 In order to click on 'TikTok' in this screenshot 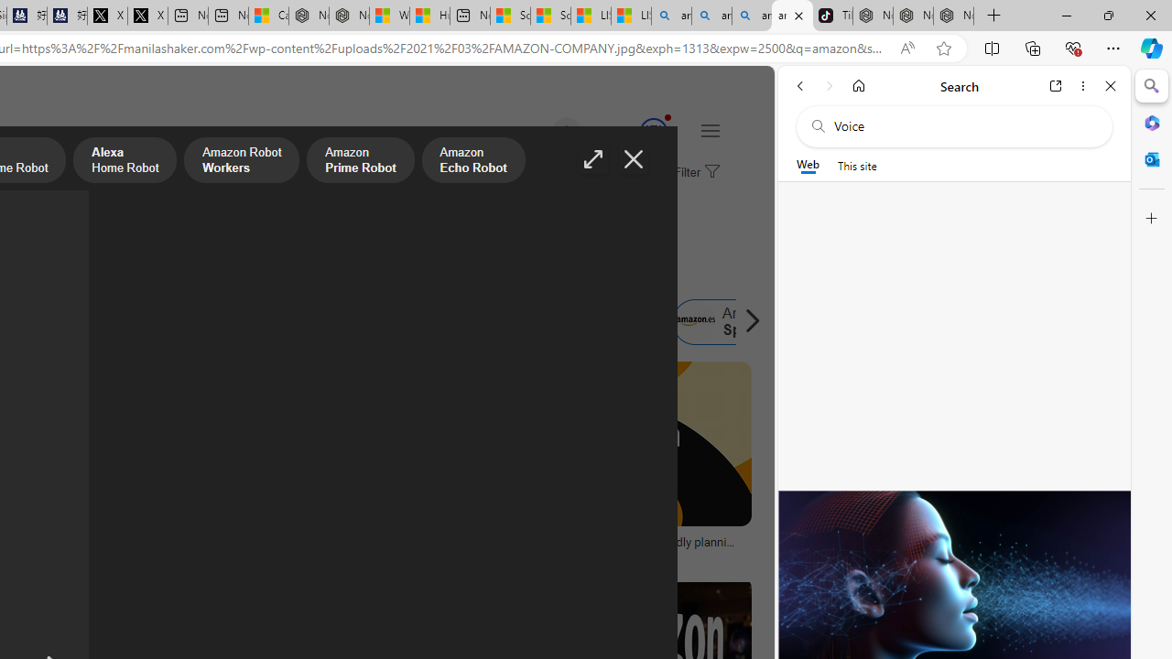, I will do `click(831, 16)`.